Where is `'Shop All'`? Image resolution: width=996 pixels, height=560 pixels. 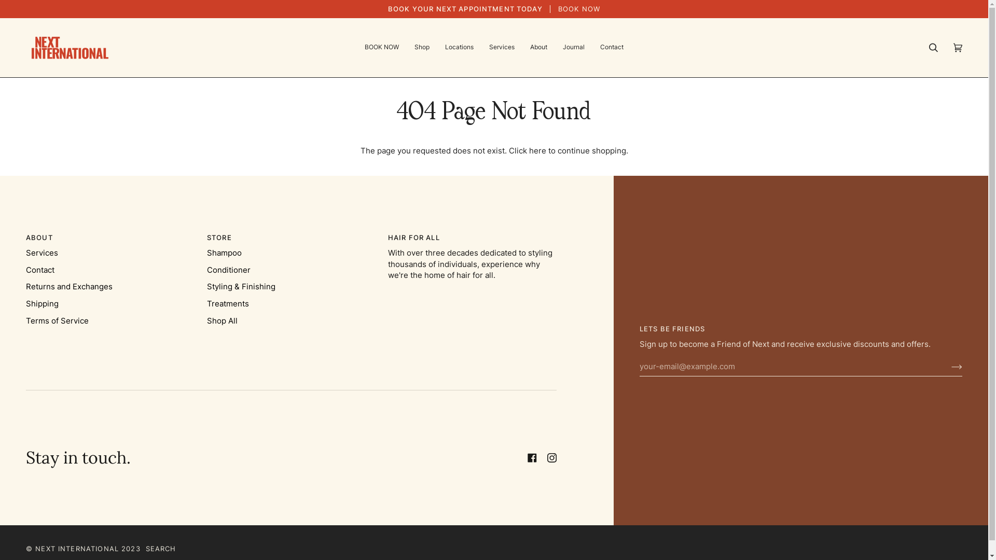
'Shop All' is located at coordinates (222, 320).